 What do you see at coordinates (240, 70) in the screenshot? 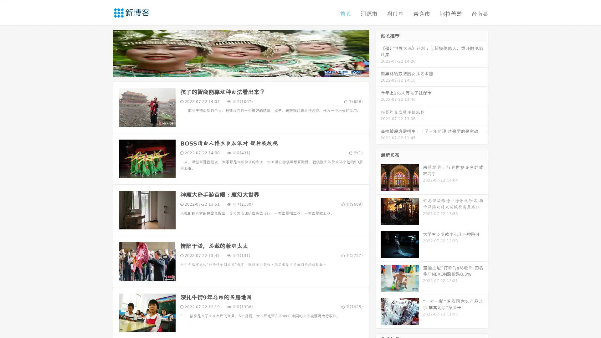
I see `Go to slide 2` at bounding box center [240, 70].